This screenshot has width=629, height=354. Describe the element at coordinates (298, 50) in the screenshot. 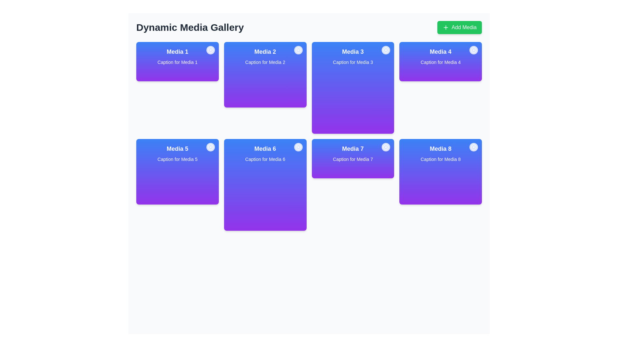

I see `the circular close button with an 'X' symbol located in the top-right section of the Media 2 card` at that location.